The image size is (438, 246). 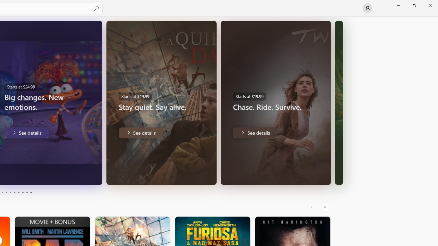 I want to click on 'Close Microsoft Store', so click(x=429, y=5).